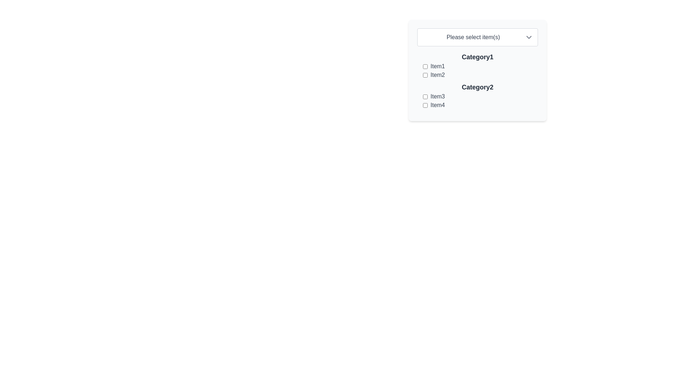 Image resolution: width=690 pixels, height=388 pixels. Describe the element at coordinates (425, 96) in the screenshot. I see `the checkbox for 'Item3'` at that location.